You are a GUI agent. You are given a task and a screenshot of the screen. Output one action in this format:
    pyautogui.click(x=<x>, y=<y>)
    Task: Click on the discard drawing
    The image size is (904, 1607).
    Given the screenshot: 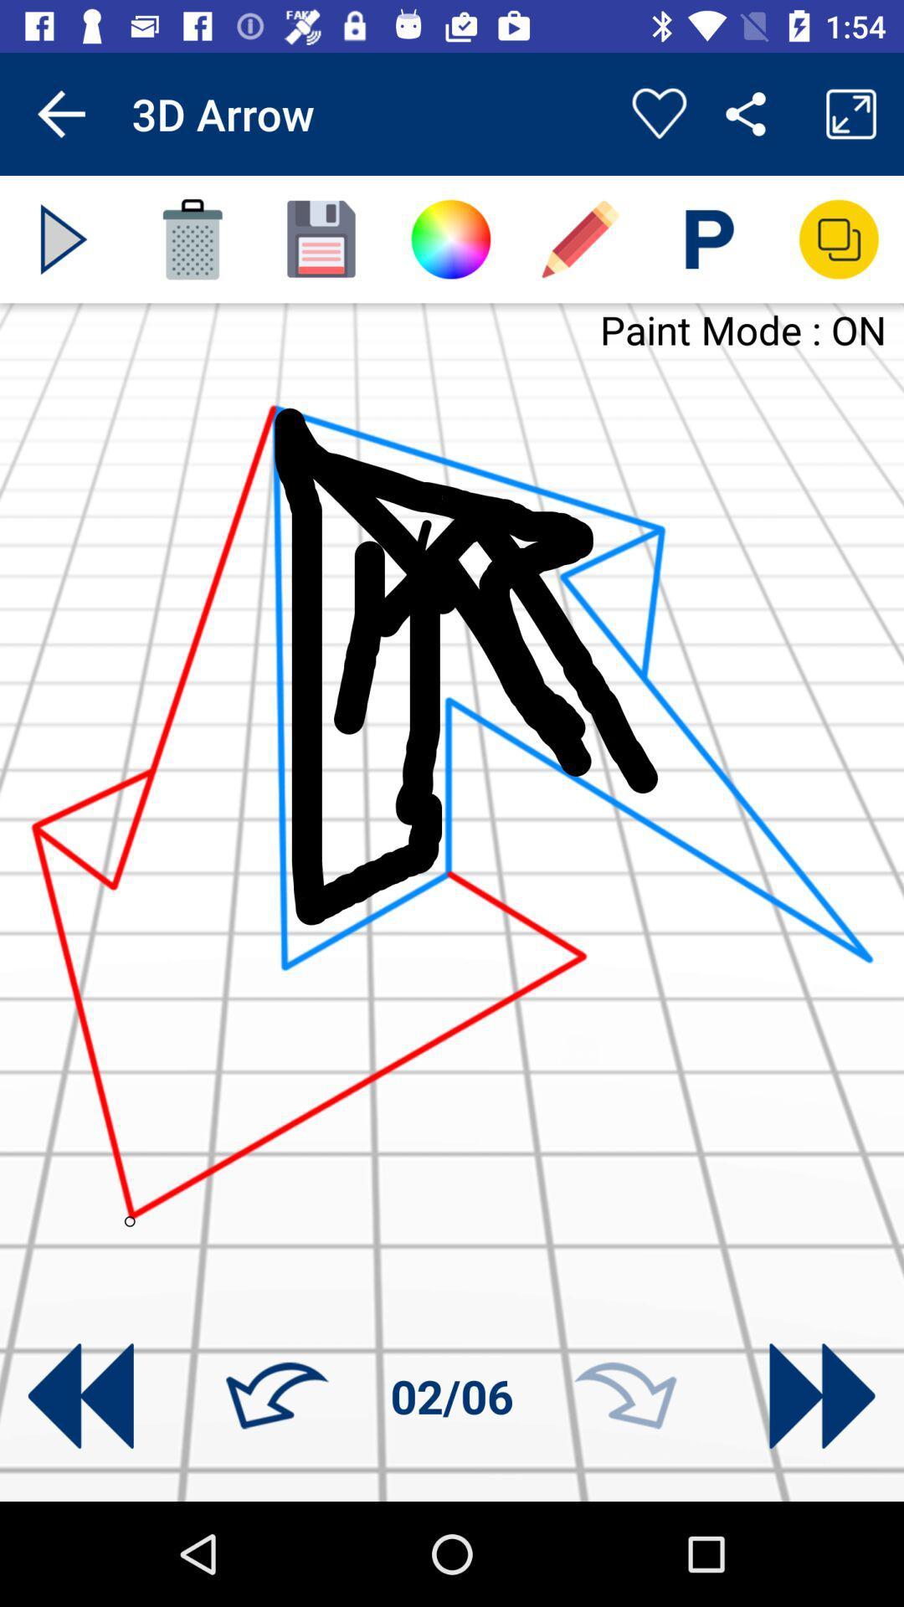 What is the action you would take?
    pyautogui.click(x=192, y=239)
    